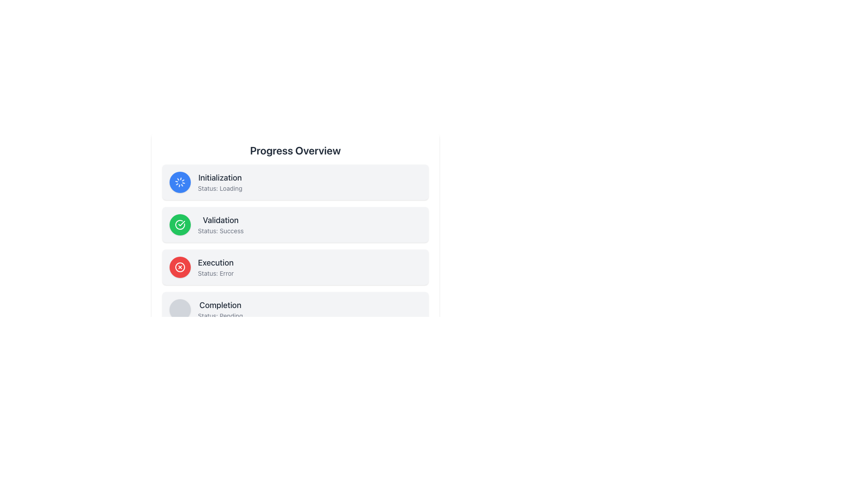 This screenshot has height=478, width=850. What do you see at coordinates (180, 182) in the screenshot?
I see `the Loading Spinner, which is an SVG icon styled as a rotating graphic within a blue circular background, located to the left of the text 'Initialization Status: Loading'` at bounding box center [180, 182].